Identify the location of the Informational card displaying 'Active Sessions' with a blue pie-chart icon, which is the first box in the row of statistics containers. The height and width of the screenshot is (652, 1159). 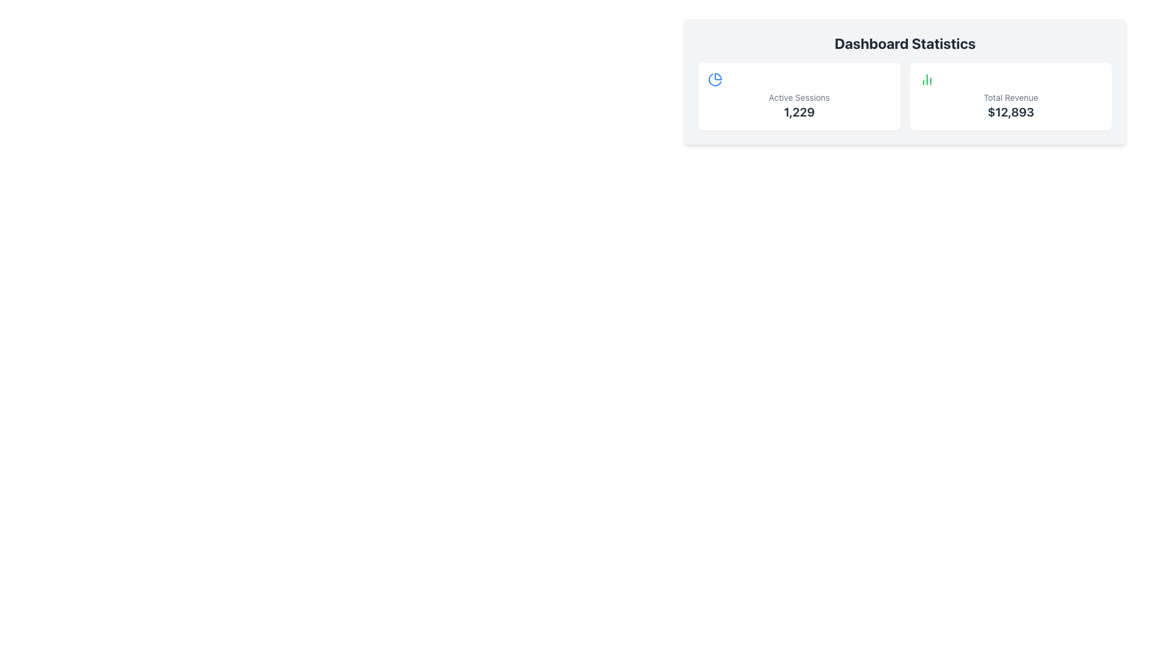
(799, 95).